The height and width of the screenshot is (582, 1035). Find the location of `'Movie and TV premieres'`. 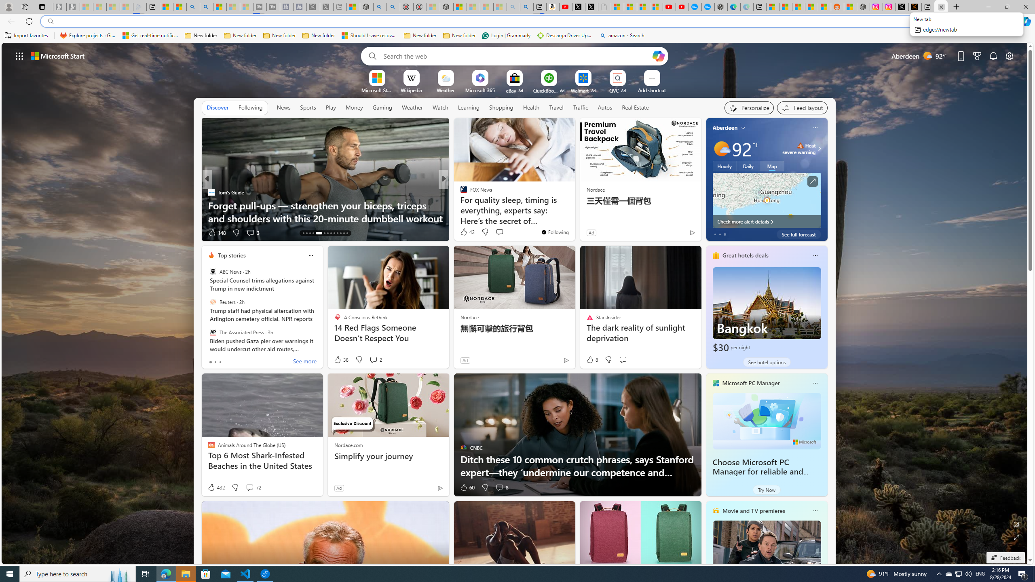

'Movie and TV premieres' is located at coordinates (753, 510).